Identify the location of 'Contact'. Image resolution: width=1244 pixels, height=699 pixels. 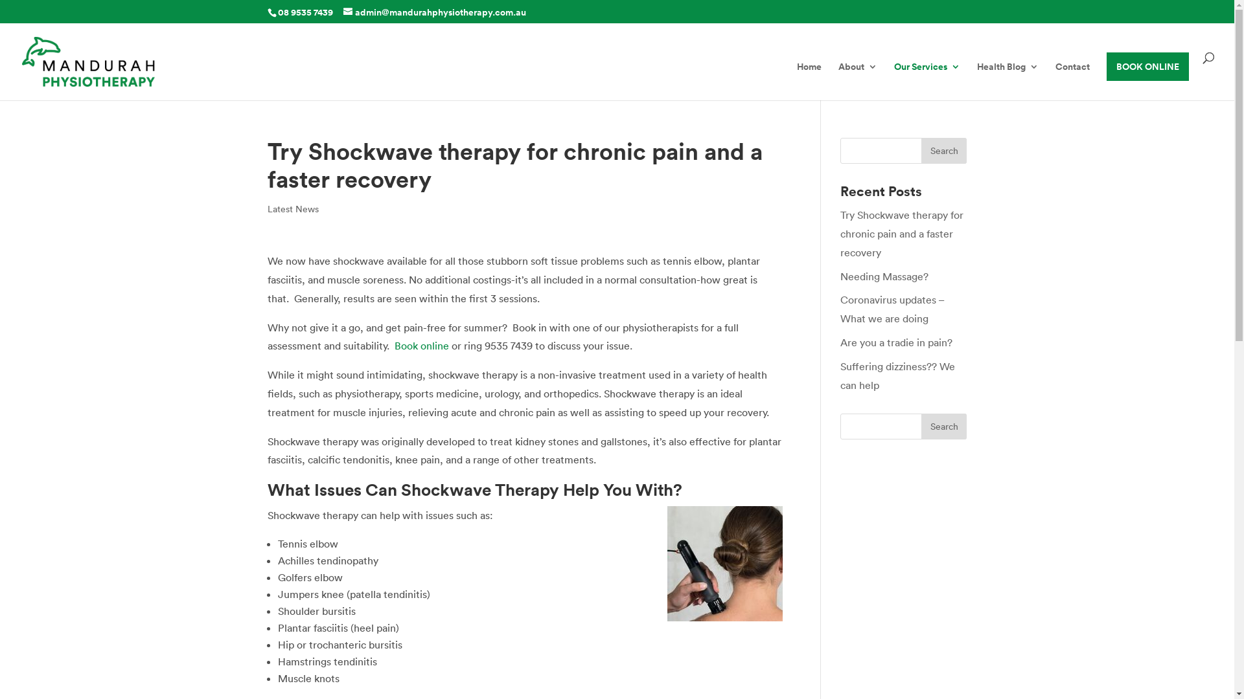
(1072, 81).